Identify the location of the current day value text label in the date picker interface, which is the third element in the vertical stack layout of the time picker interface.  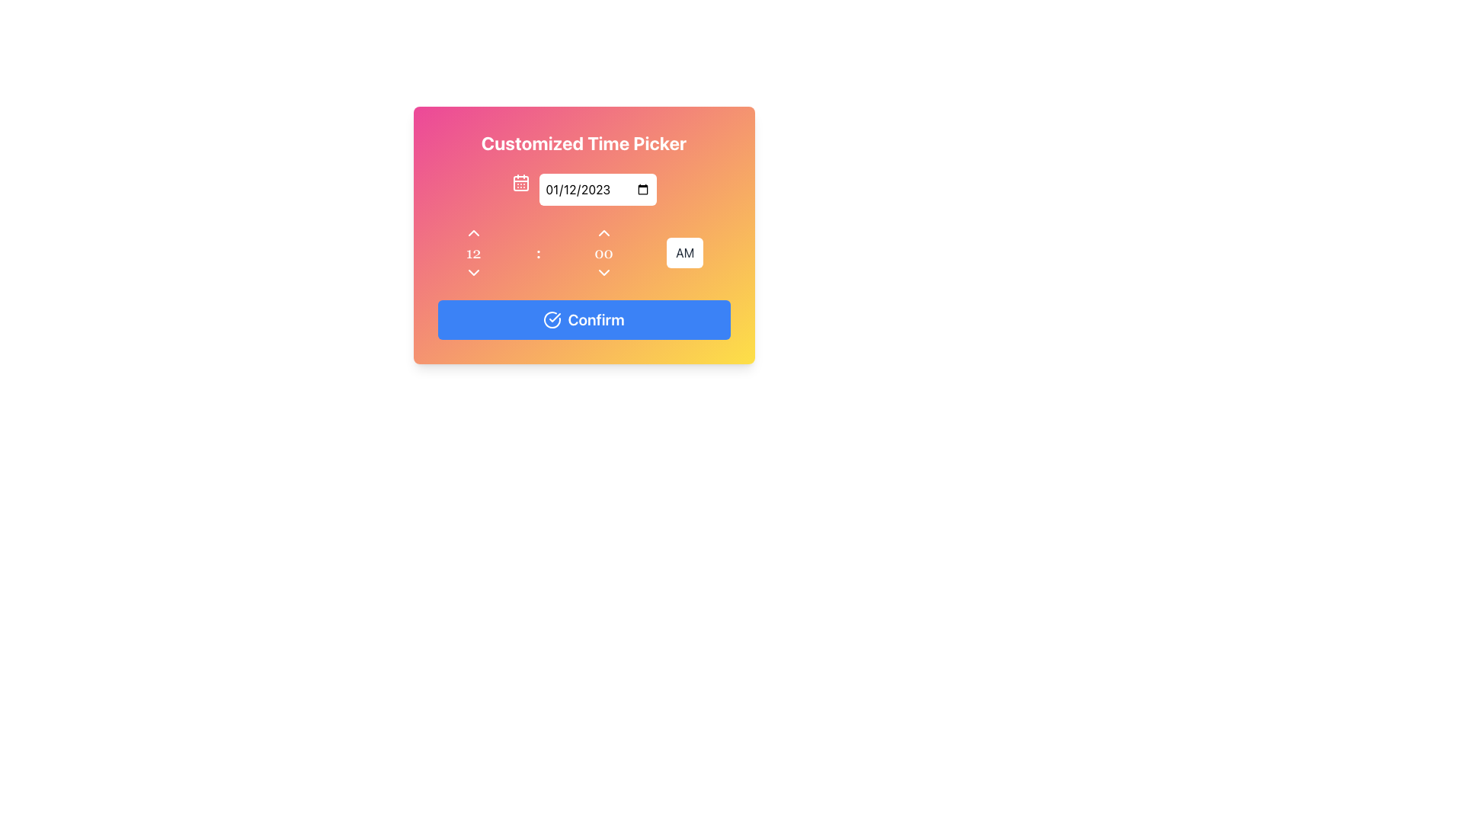
(472, 251).